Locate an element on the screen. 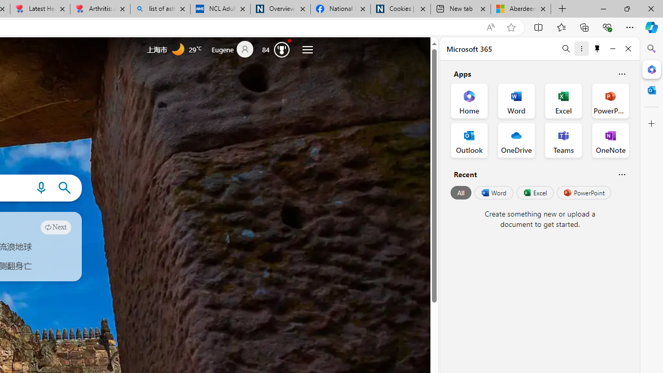 The width and height of the screenshot is (663, 373). 'Outlook Office App' is located at coordinates (469, 140).